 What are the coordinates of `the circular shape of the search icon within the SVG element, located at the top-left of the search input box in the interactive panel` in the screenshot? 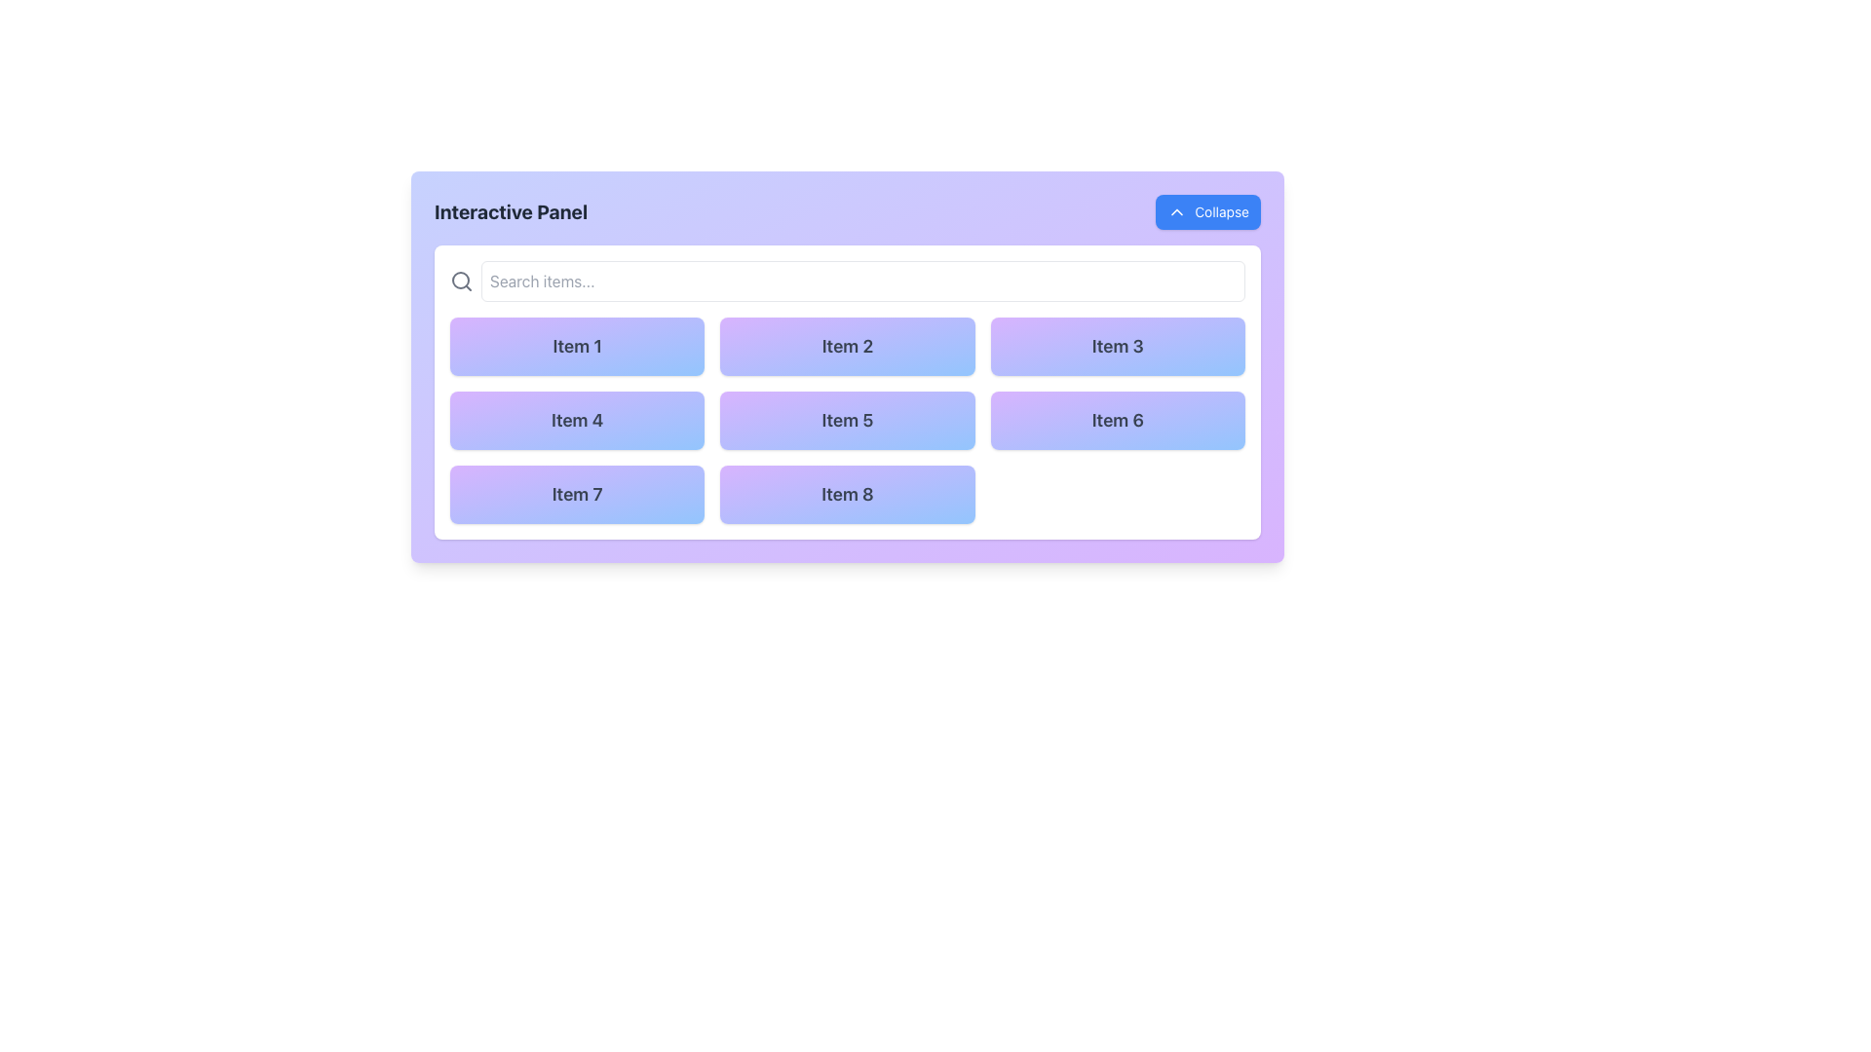 It's located at (460, 281).